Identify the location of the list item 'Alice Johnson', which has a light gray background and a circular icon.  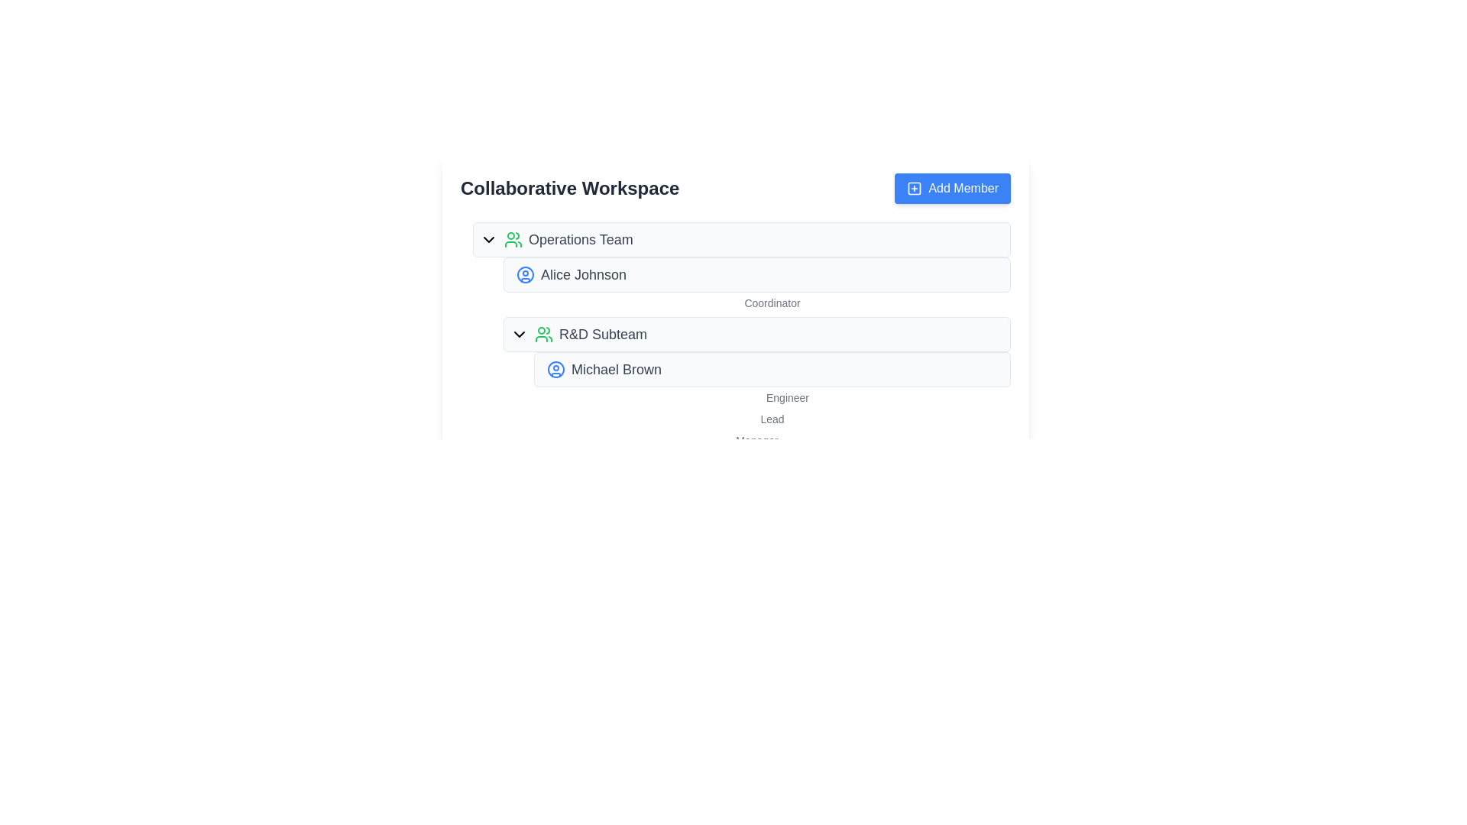
(756, 273).